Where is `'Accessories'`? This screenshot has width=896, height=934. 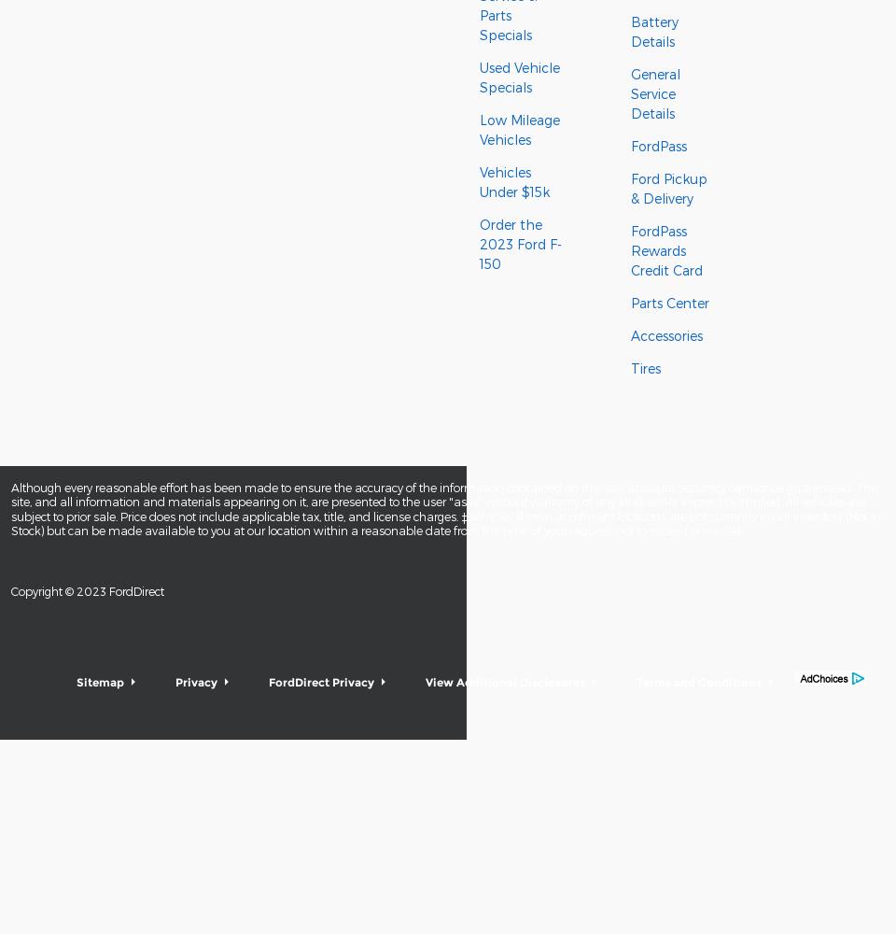
'Accessories' is located at coordinates (666, 334).